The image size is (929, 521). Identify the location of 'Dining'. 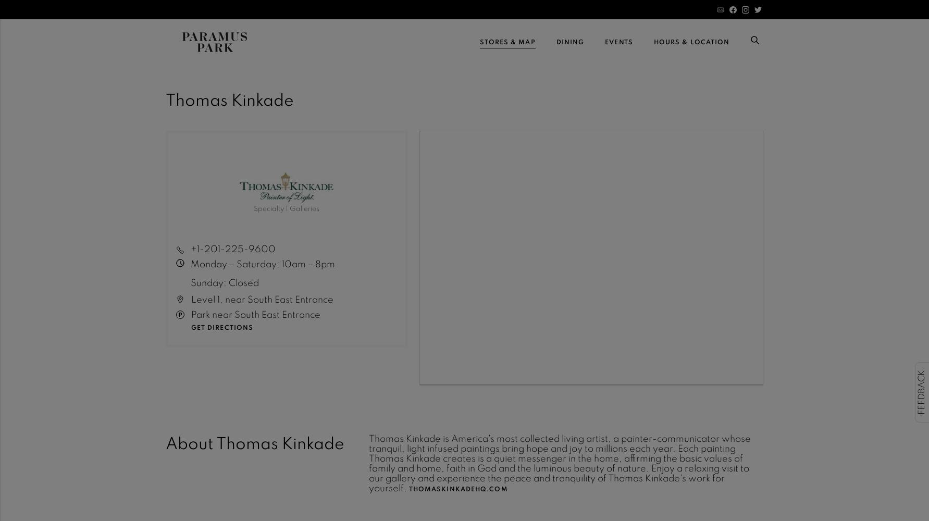
(569, 42).